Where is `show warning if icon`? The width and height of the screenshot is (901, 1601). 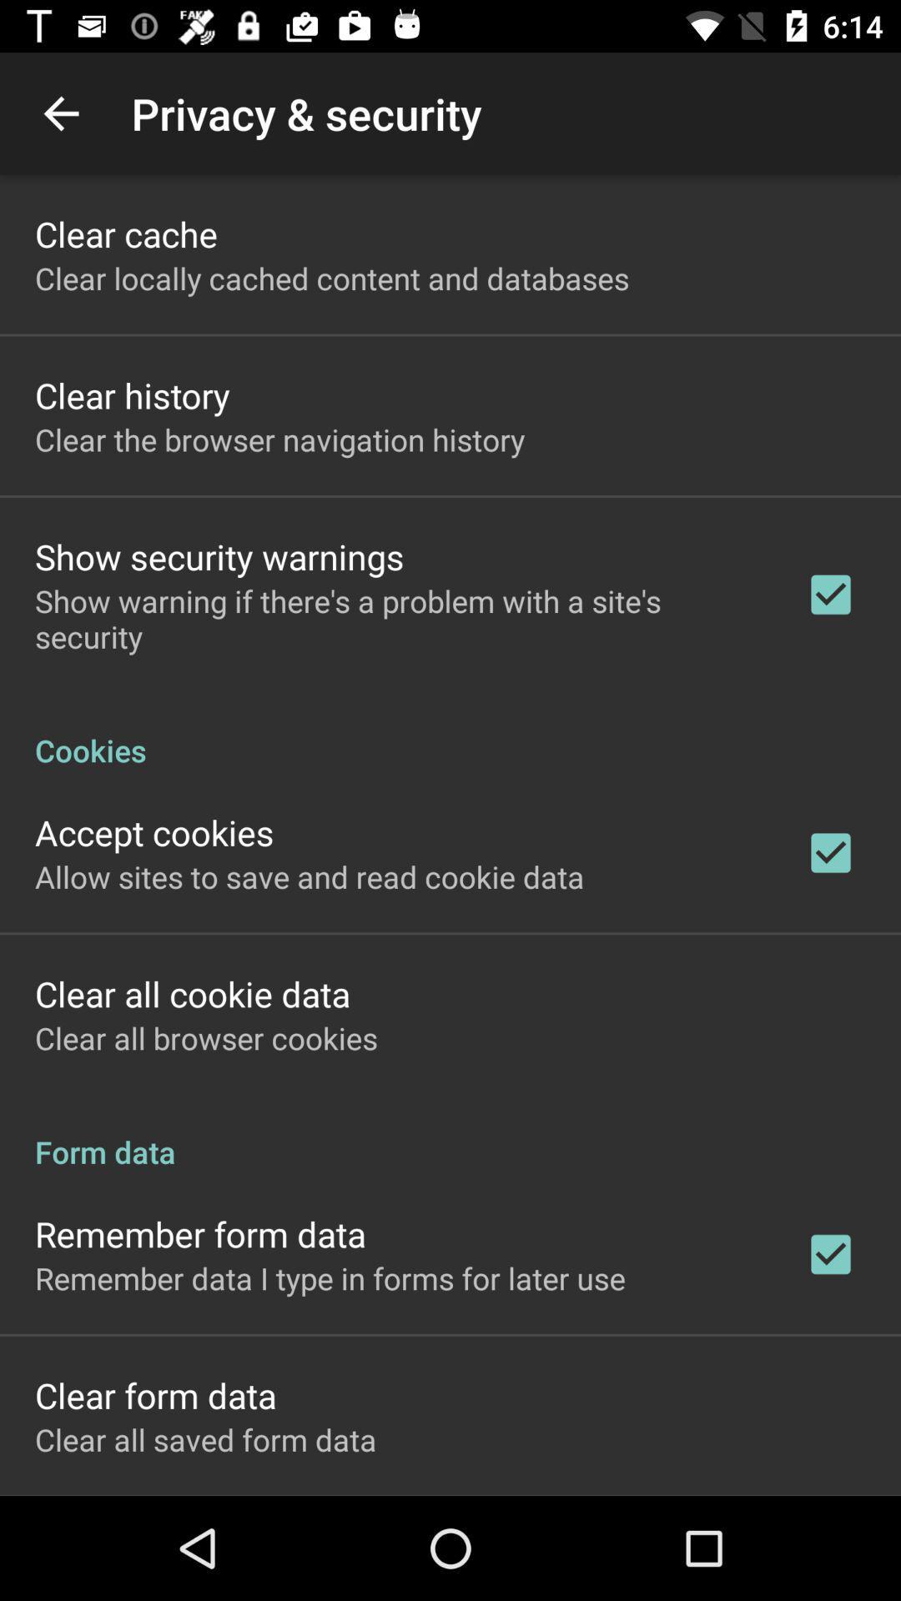 show warning if icon is located at coordinates (398, 618).